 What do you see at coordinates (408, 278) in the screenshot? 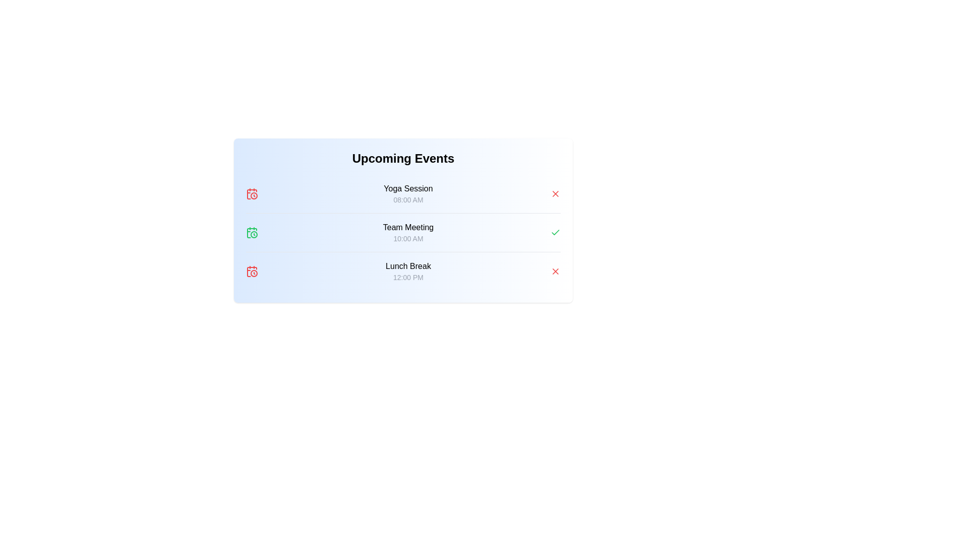
I see `the Static Text Label displaying the scheduled time for the event 'Lunch Break' located in the third row of the 'Upcoming Events' list` at bounding box center [408, 278].